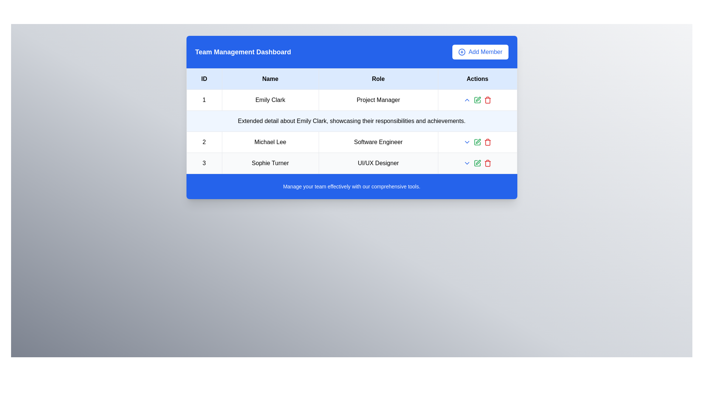 Image resolution: width=709 pixels, height=399 pixels. Describe the element at coordinates (477, 142) in the screenshot. I see `the editing Icon button located in the 'Actions' column of the second row of the table, positioned between the blue-colored icon and the red-colored icon` at that location.